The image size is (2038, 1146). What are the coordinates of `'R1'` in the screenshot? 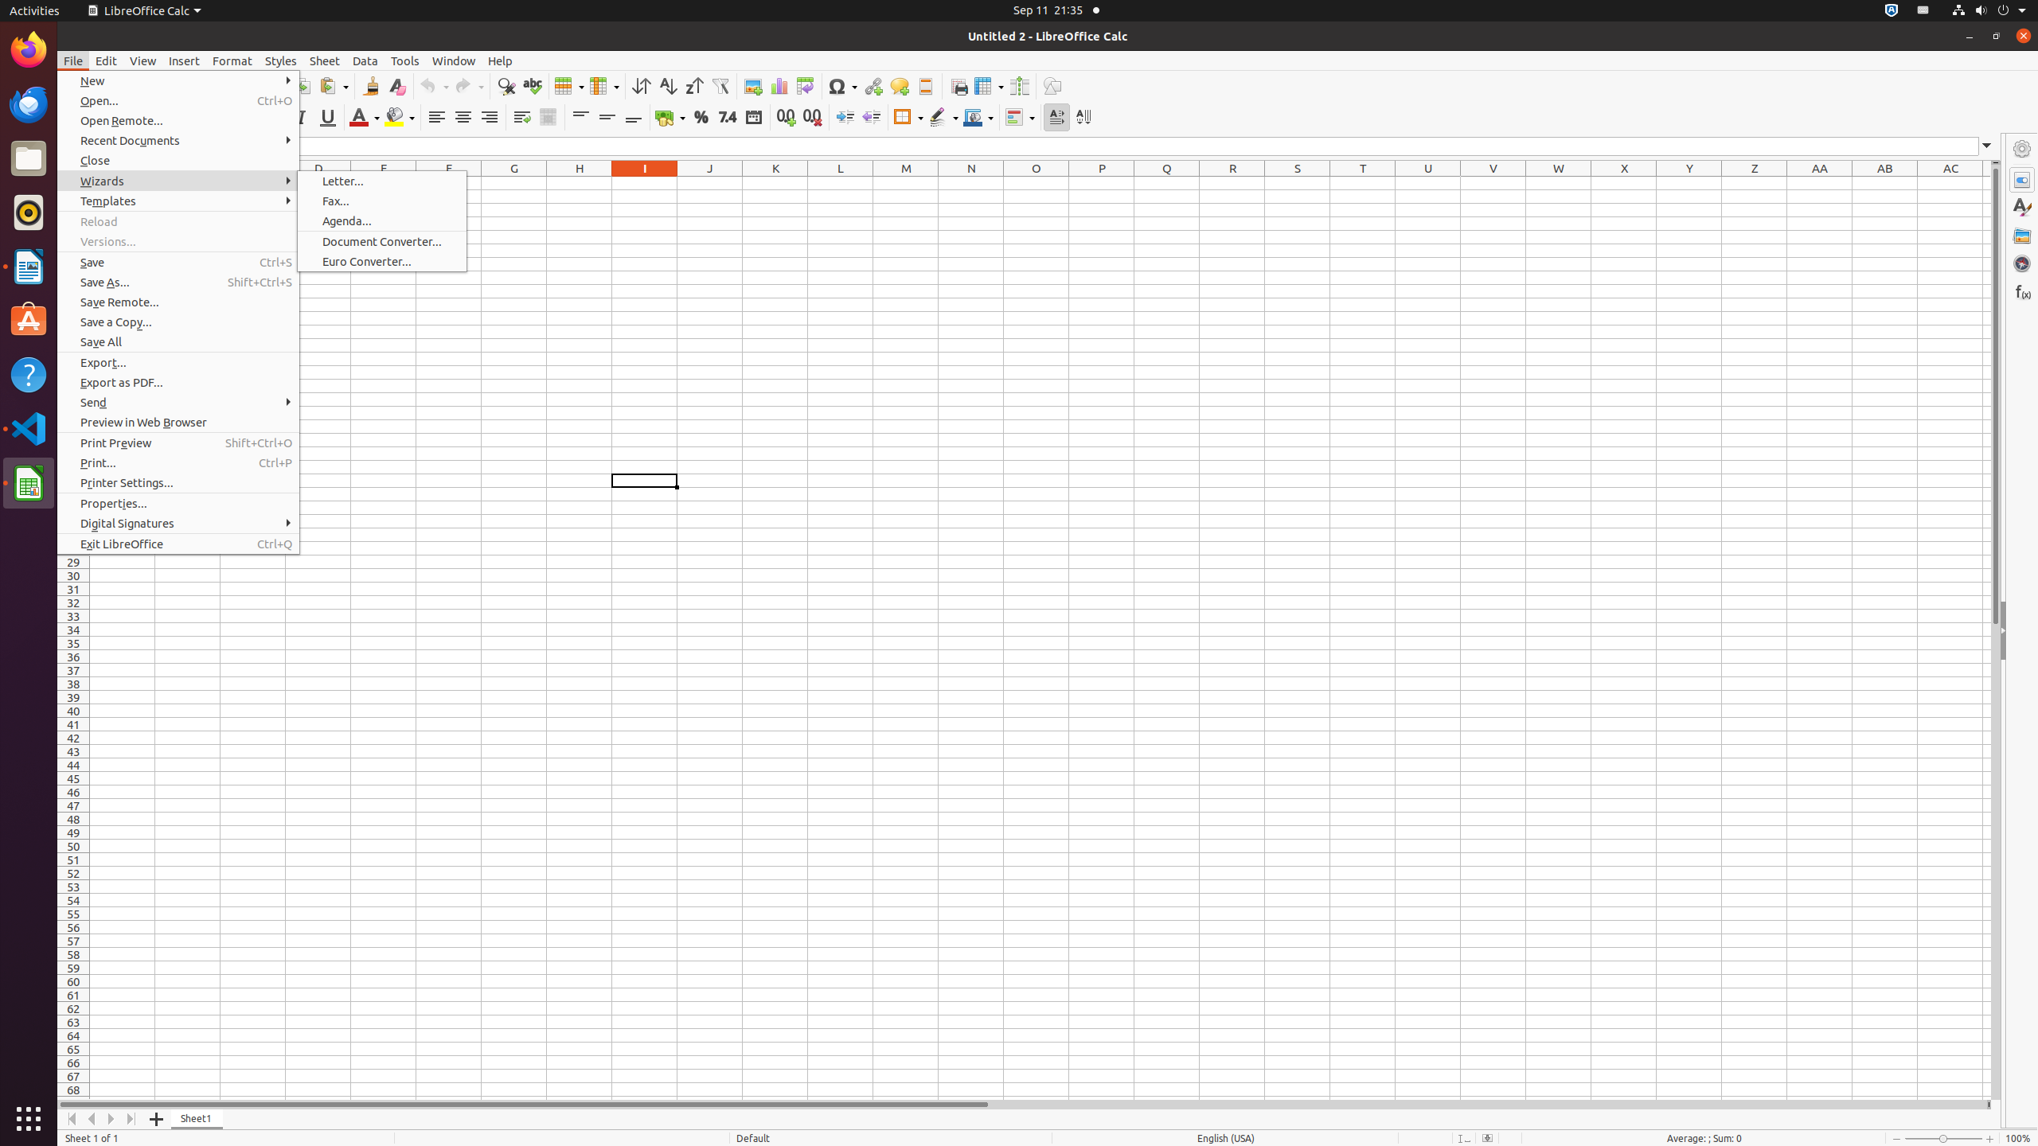 It's located at (1232, 182).